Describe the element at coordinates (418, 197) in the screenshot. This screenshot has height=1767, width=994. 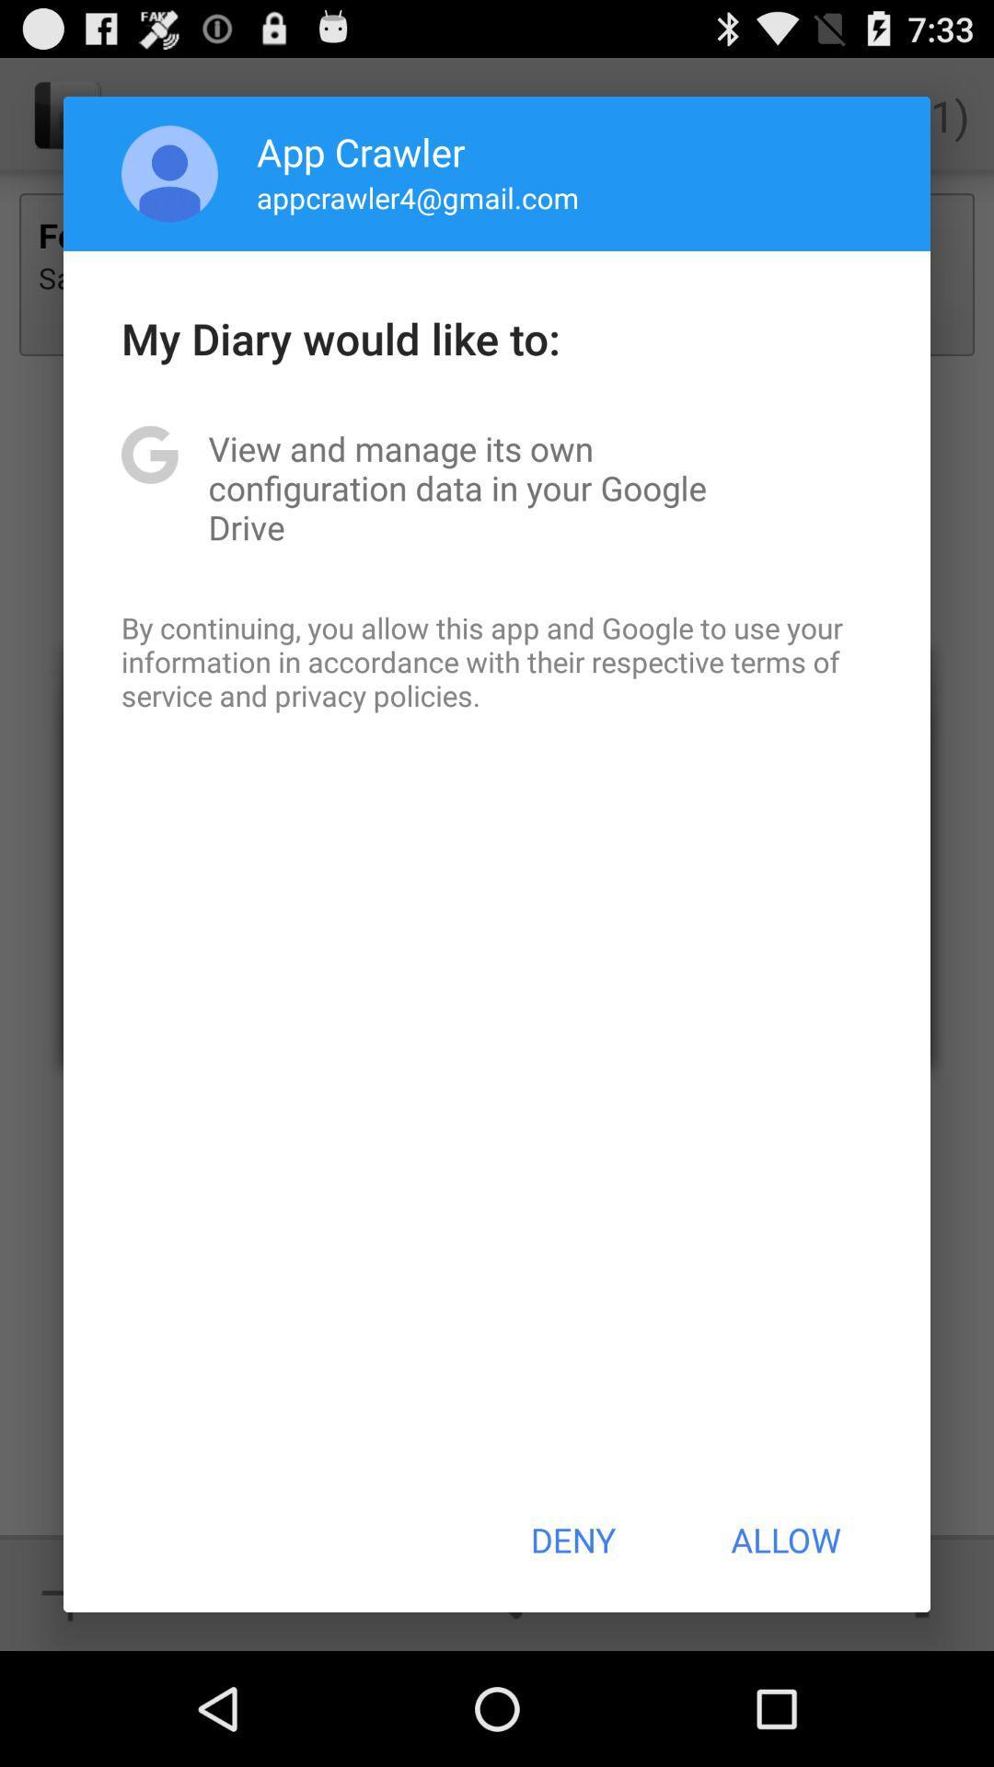
I see `the appcrawler4@gmail.com item` at that location.